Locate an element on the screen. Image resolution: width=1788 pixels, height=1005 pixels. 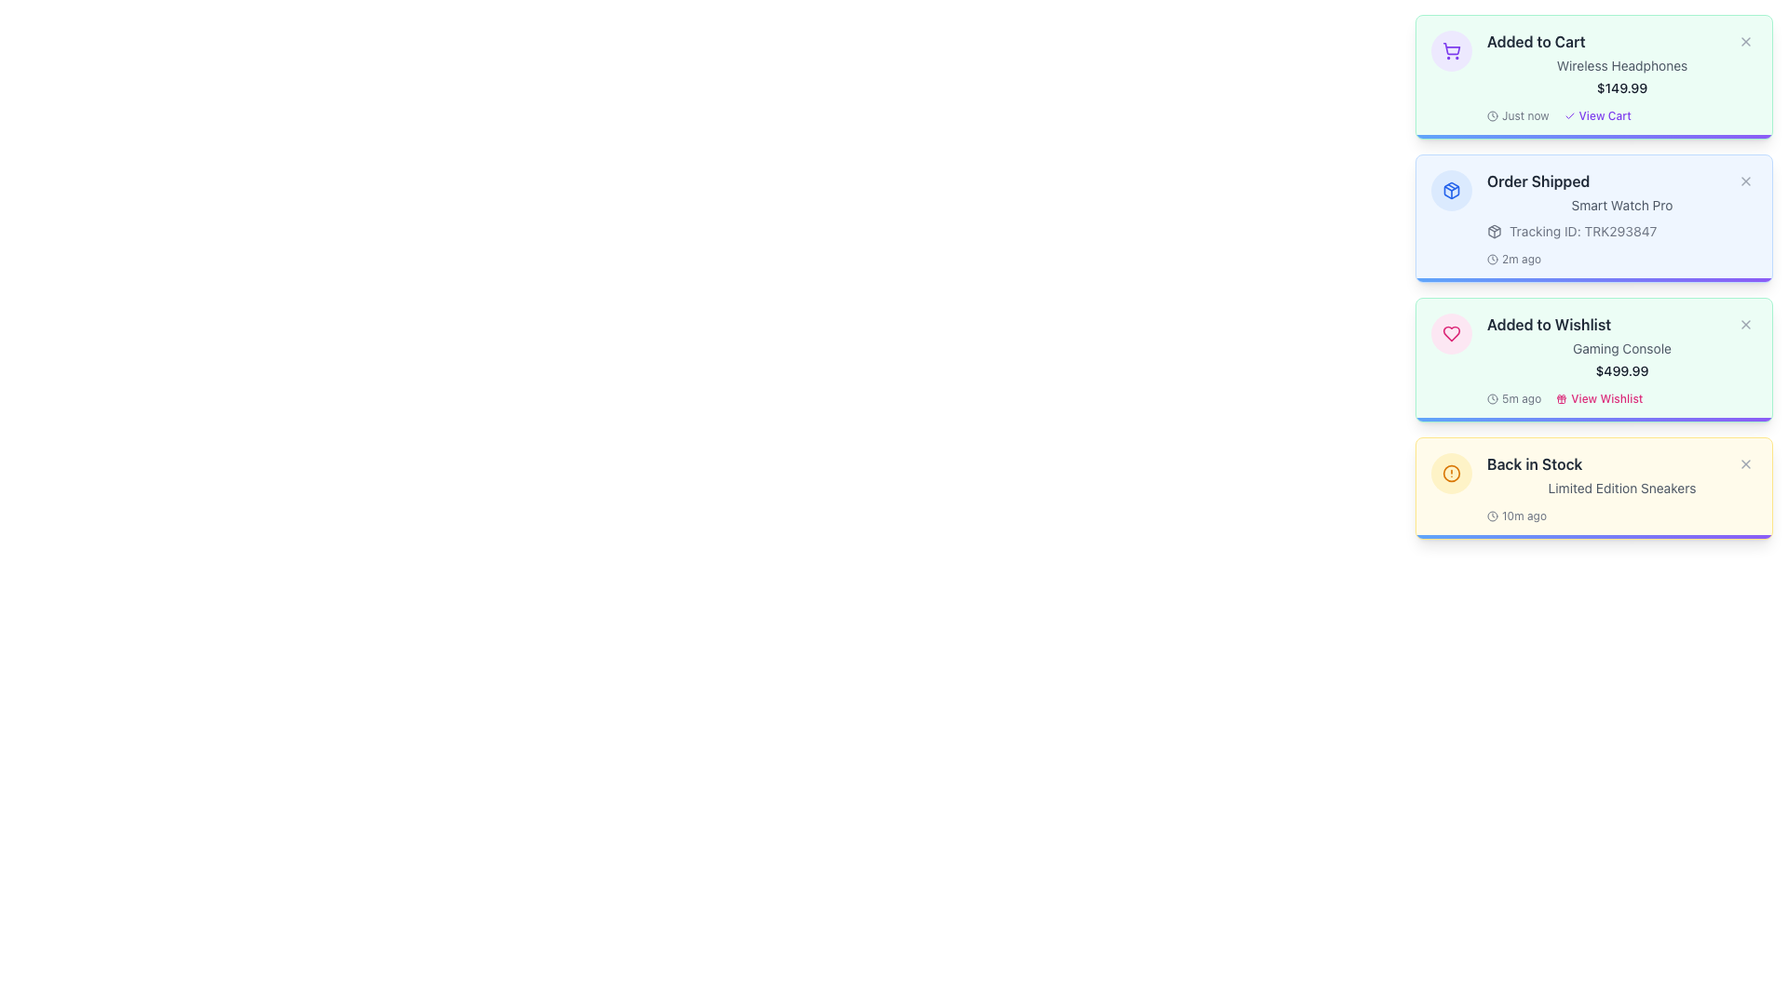
the close button icon with an 'X' symbol located at the top-right corner of the 'Order Shipped' notification card is located at coordinates (1745, 181).